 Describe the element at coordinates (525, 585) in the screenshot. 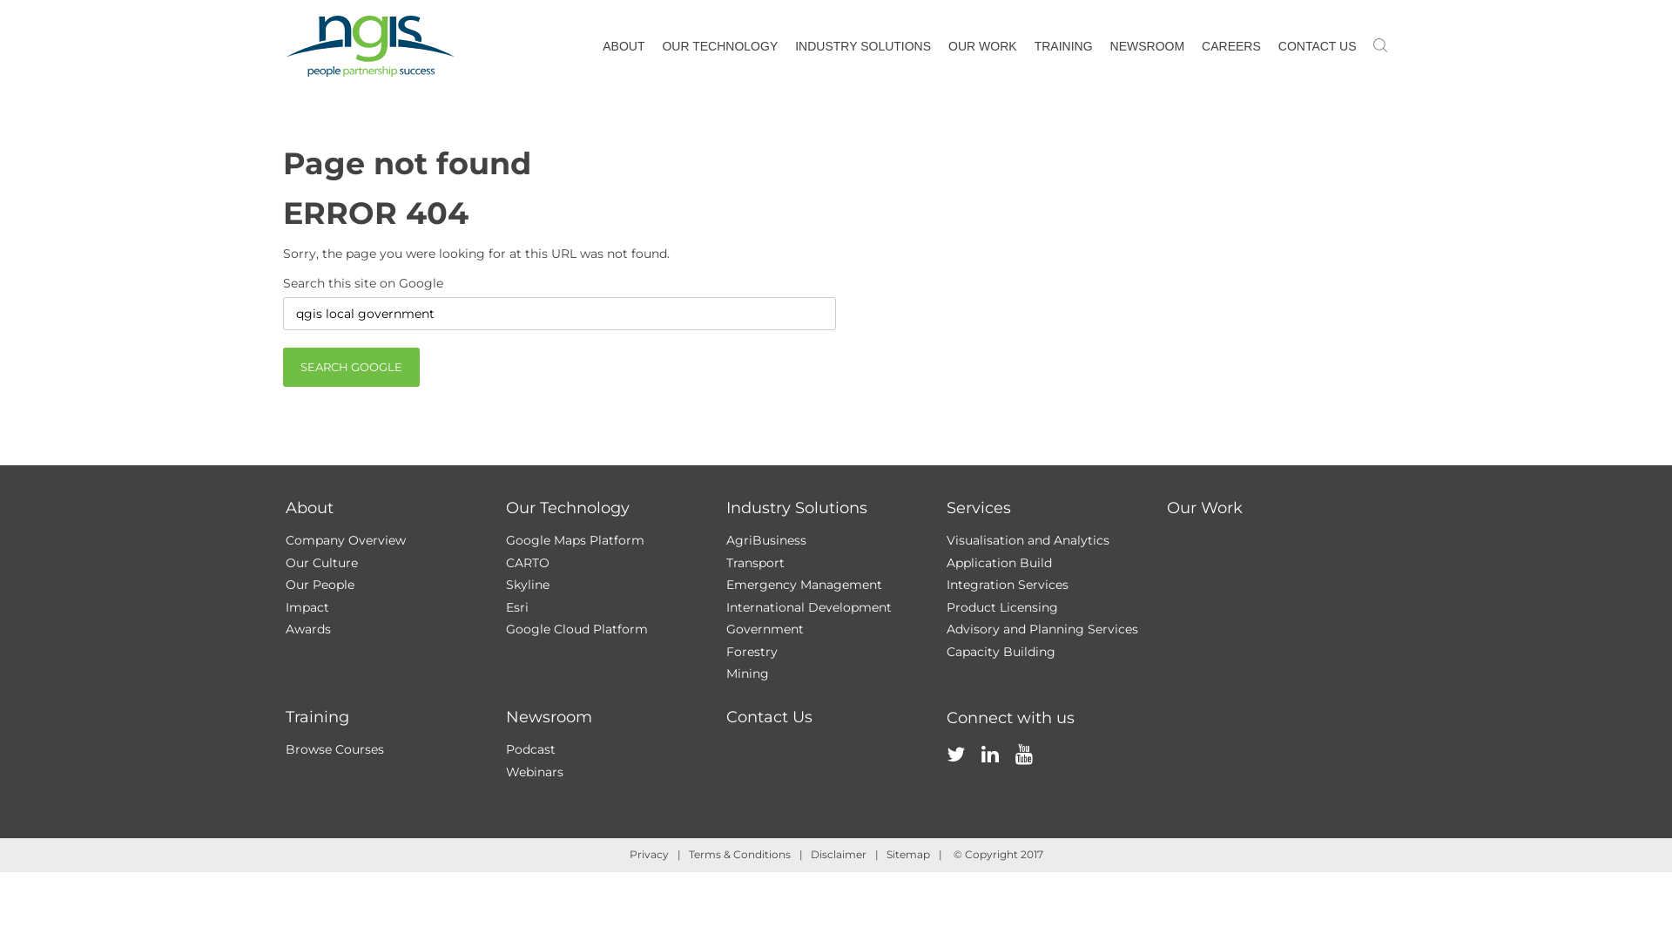

I see `'Skyline'` at that location.